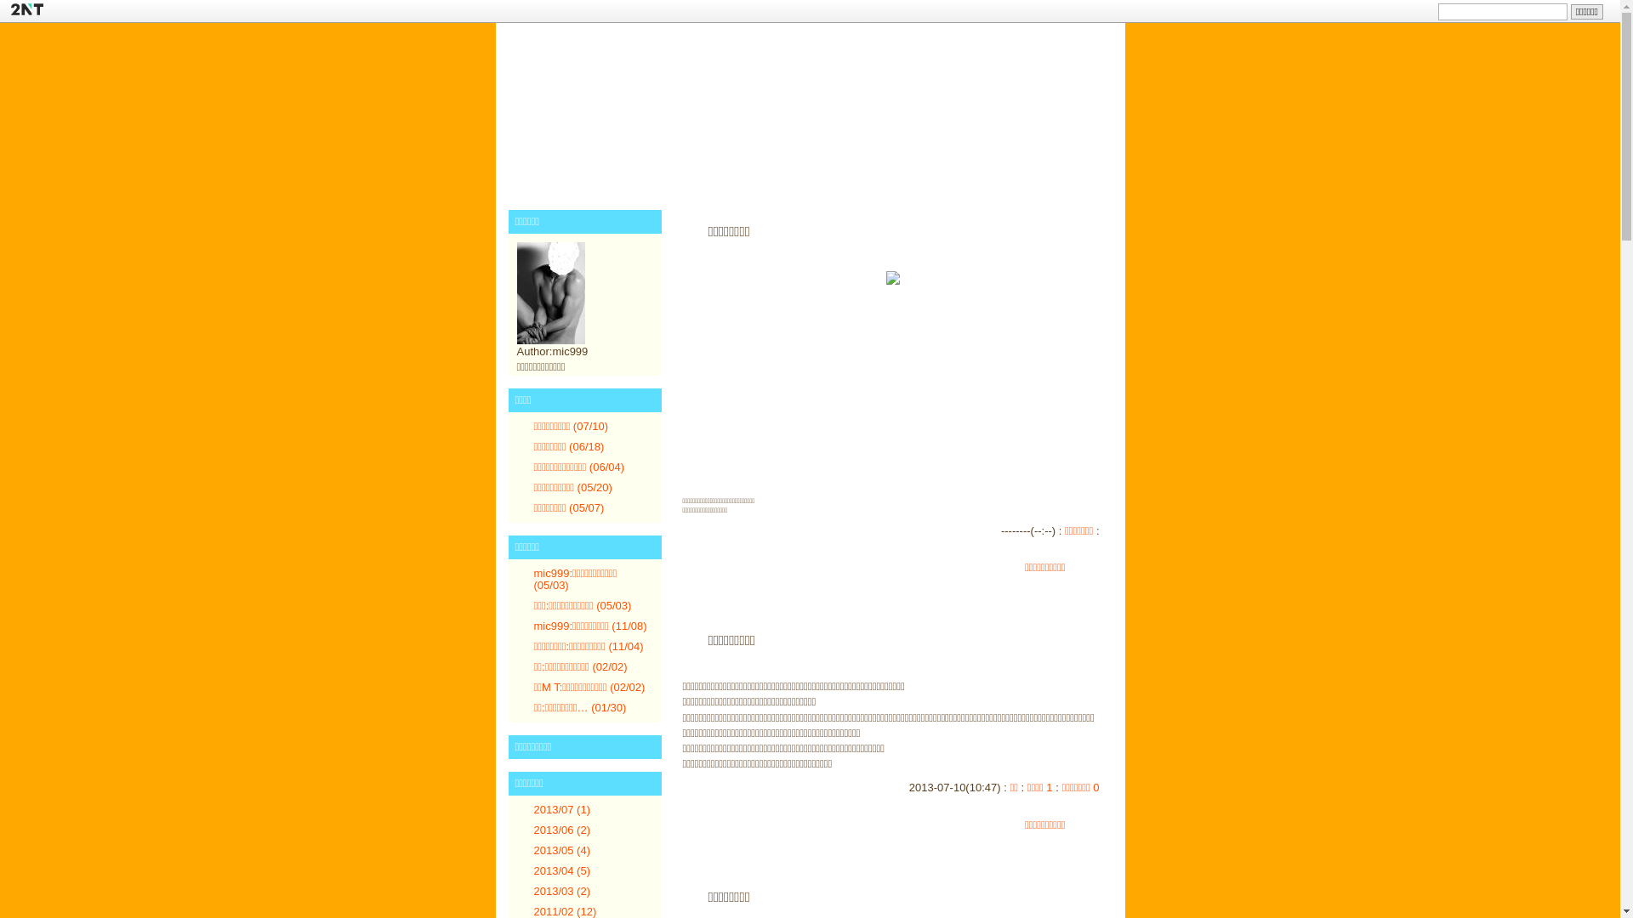 Image resolution: width=1633 pixels, height=918 pixels. What do you see at coordinates (562, 829) in the screenshot?
I see `'2013/06 (2)'` at bounding box center [562, 829].